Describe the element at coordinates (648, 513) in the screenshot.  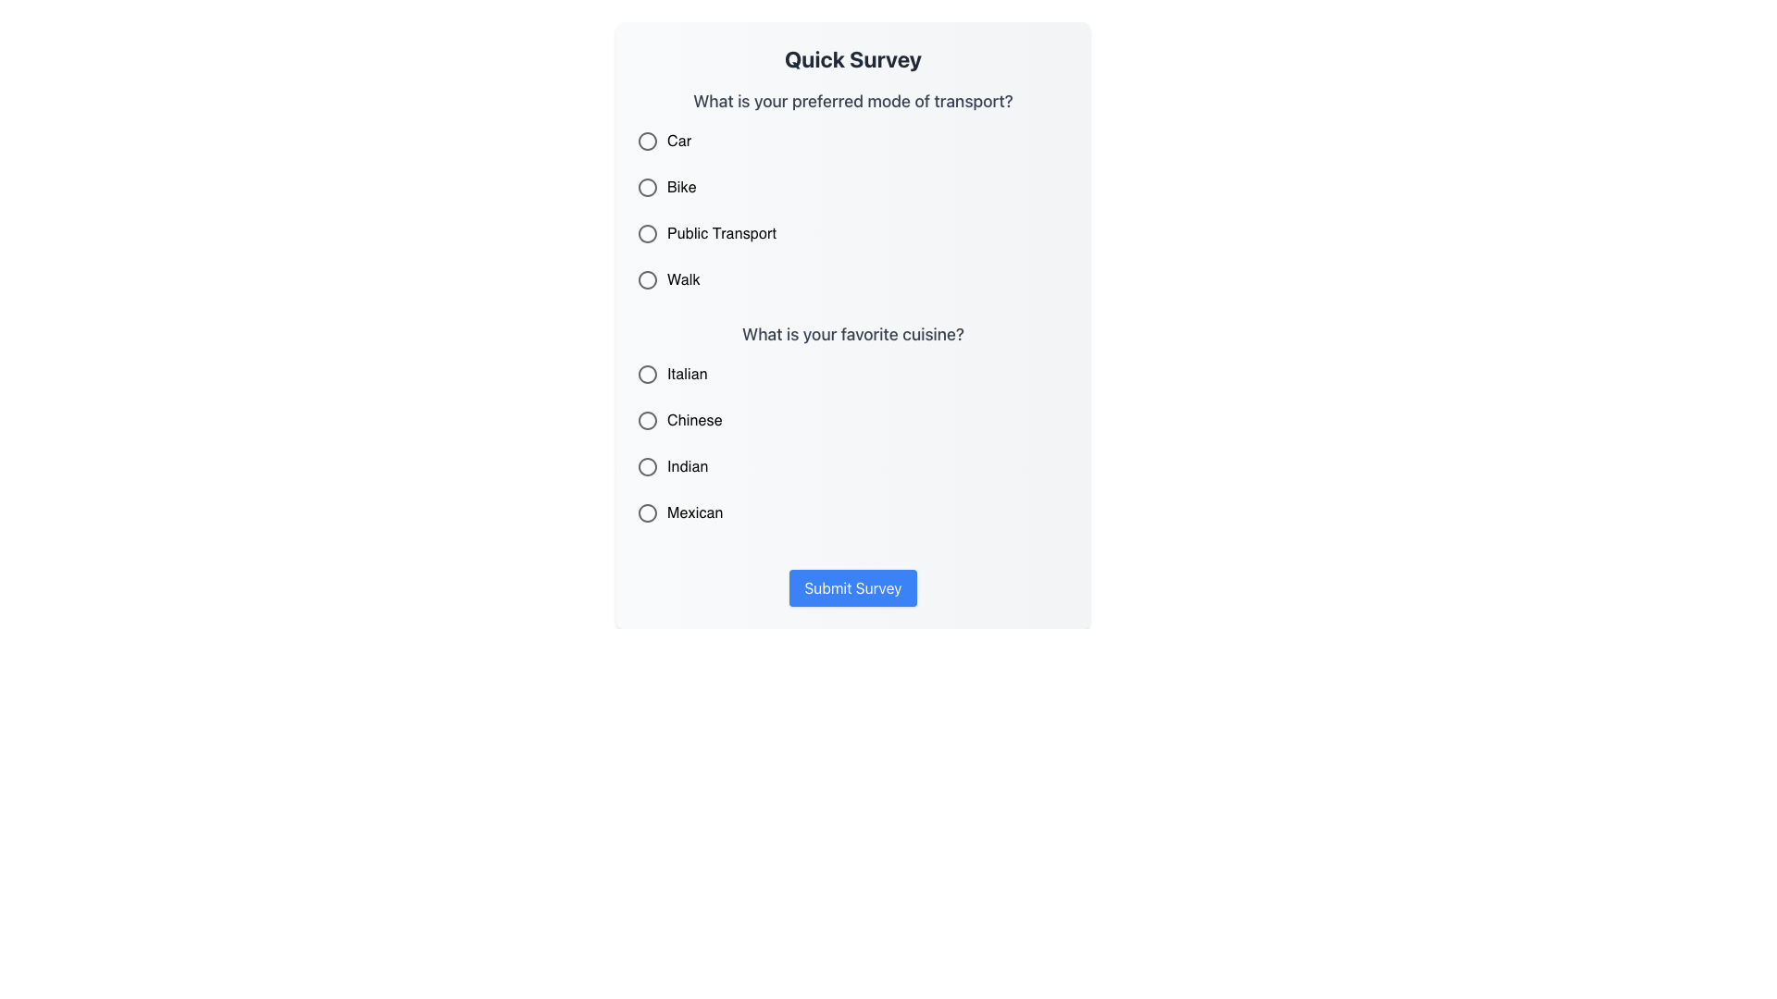
I see `the last radio button in the list of options for the question 'What is your favorite cuisine?'` at that location.